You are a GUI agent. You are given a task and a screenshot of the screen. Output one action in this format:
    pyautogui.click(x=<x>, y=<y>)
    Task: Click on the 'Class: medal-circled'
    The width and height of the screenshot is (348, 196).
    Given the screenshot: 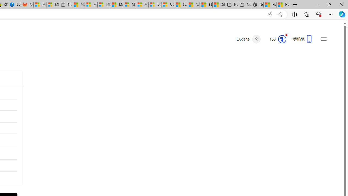 What is the action you would take?
    pyautogui.click(x=282, y=39)
    